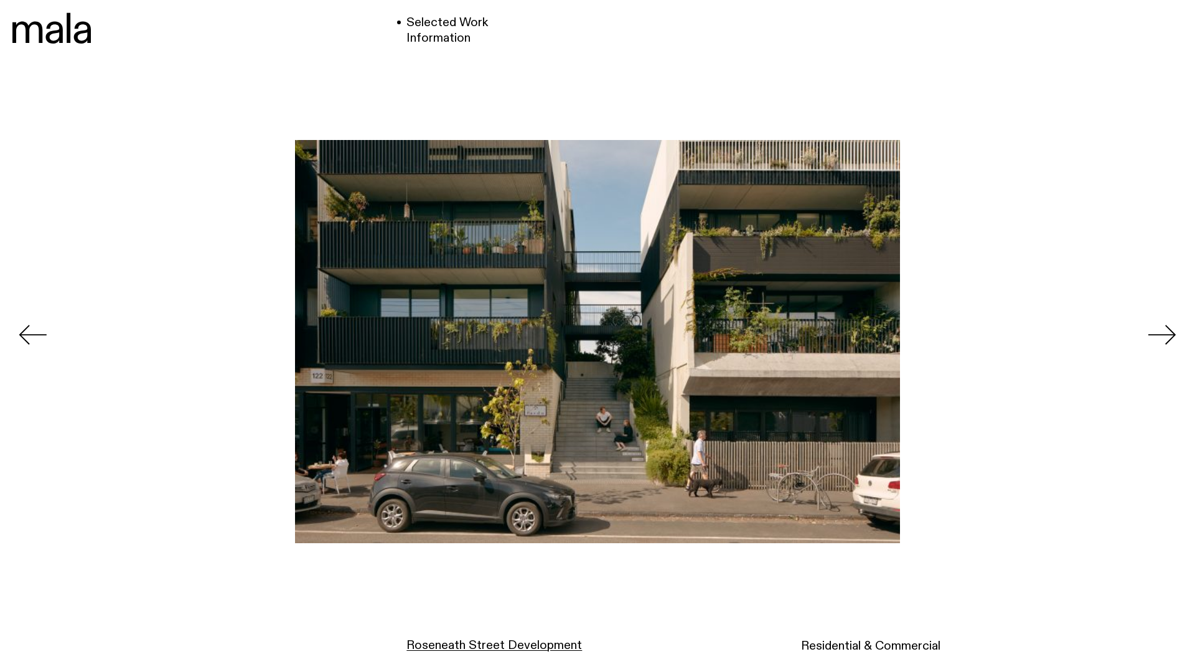  What do you see at coordinates (493, 645) in the screenshot?
I see `'Roseneath Street Development'` at bounding box center [493, 645].